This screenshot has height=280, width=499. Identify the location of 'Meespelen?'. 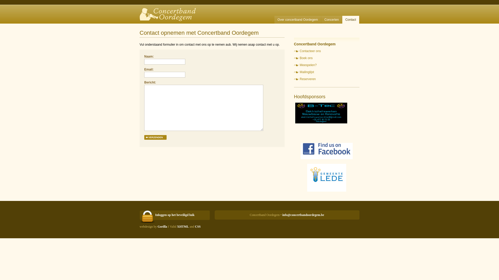
(305, 65).